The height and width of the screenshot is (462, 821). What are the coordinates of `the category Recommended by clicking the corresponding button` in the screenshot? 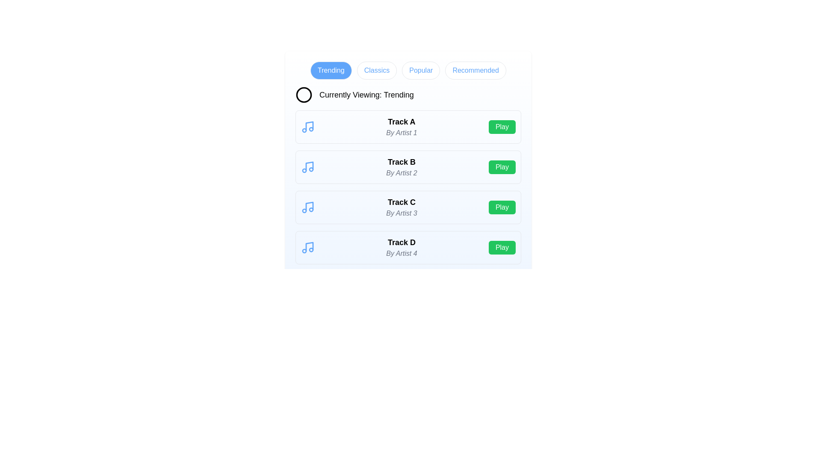 It's located at (475, 70).